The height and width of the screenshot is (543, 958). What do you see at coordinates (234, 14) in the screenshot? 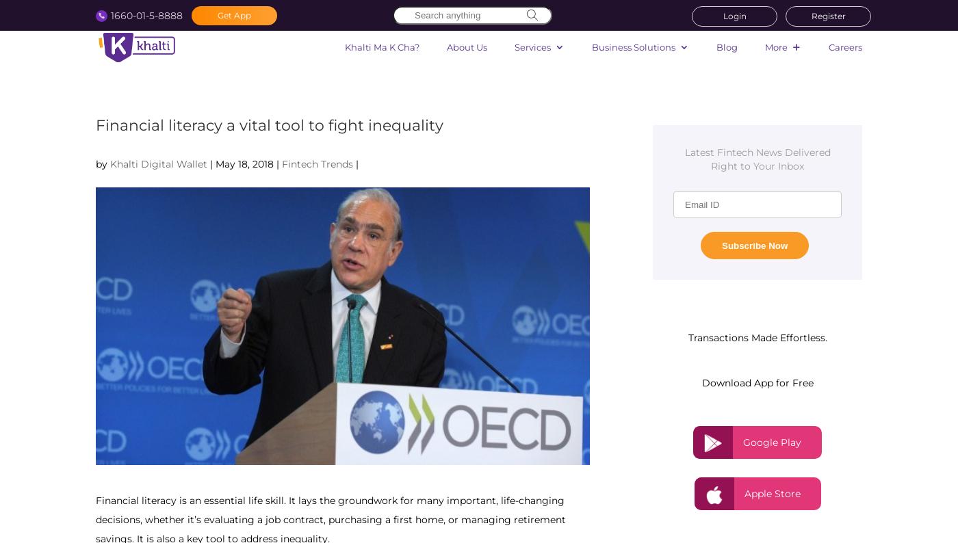
I see `'Get App'` at bounding box center [234, 14].